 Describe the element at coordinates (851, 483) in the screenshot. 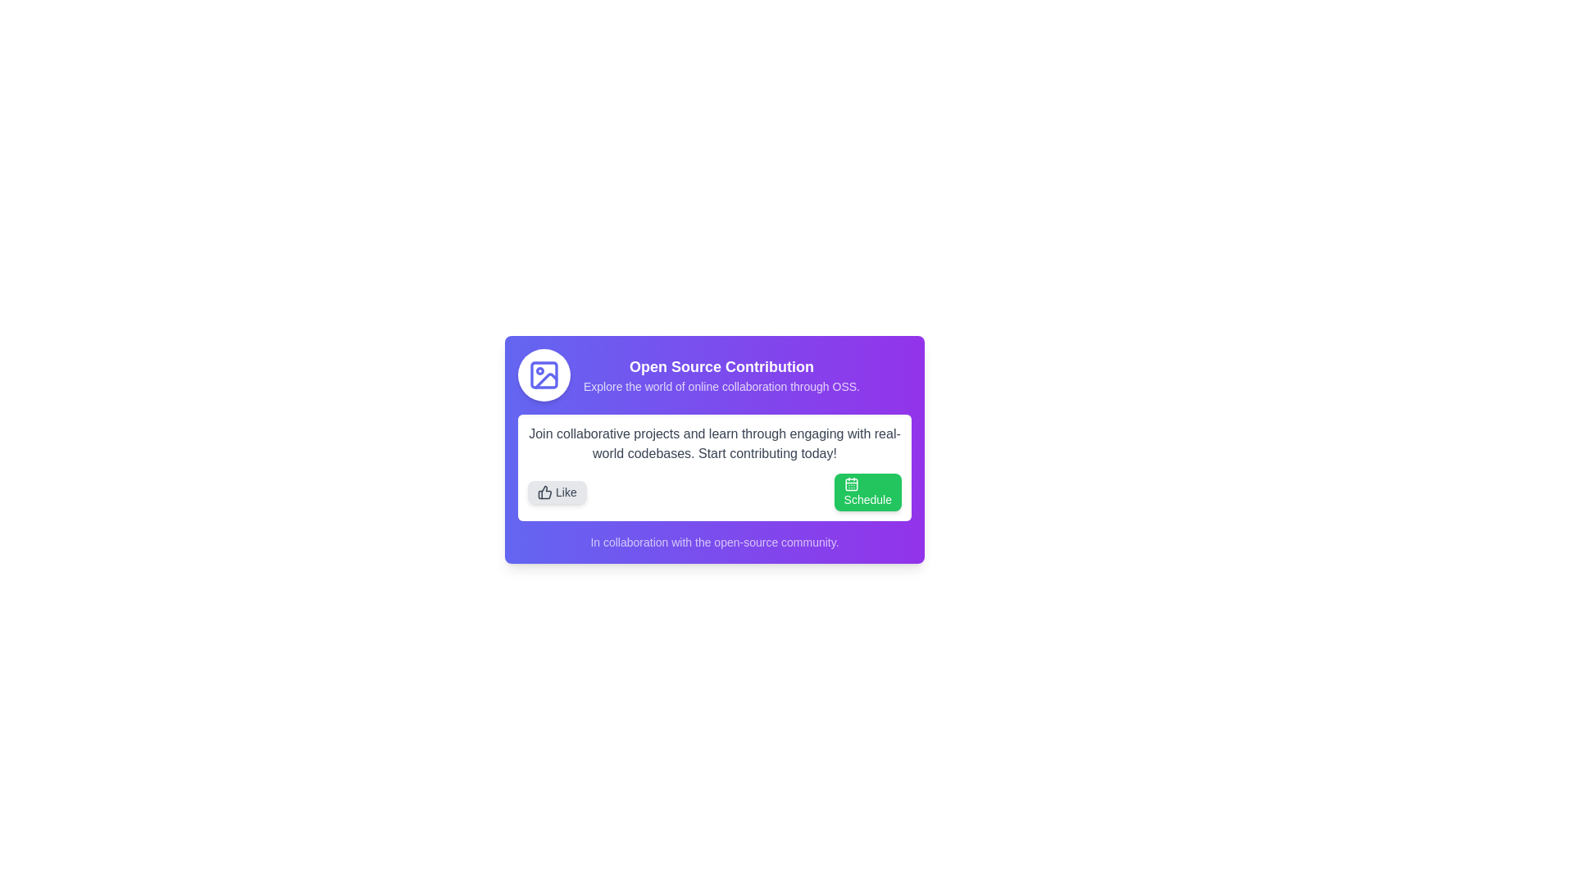

I see `the small green calendar icon located inside the 'Schedule' button, which is positioned to the left of the button text` at that location.